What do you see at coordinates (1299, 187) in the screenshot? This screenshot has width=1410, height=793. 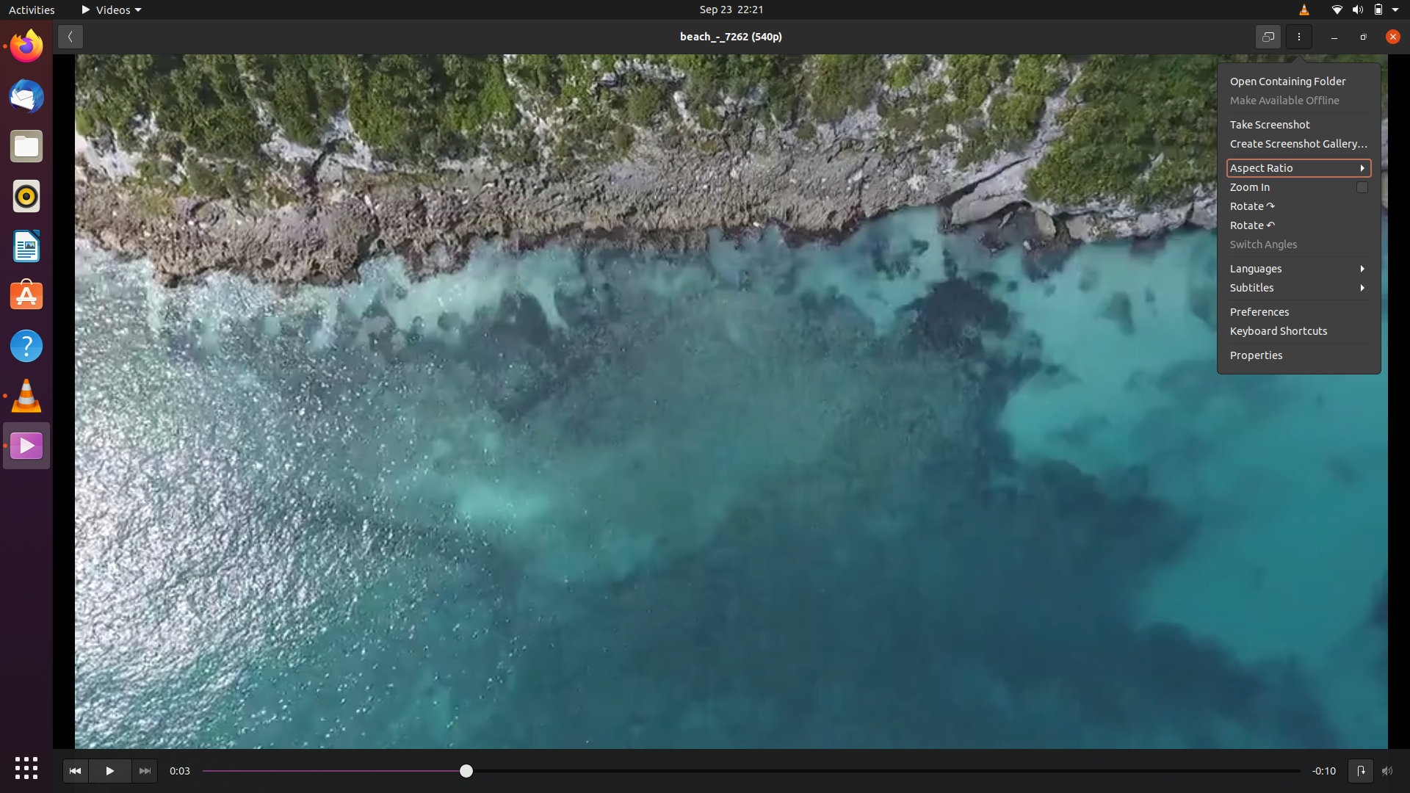 I see `Use the zoom in button to enlarge the video viewing frame` at bounding box center [1299, 187].